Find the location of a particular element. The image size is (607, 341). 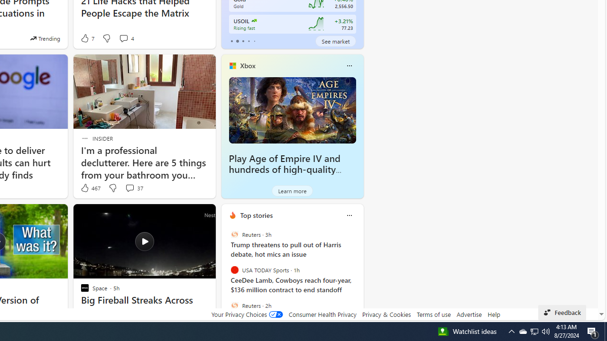

'View comments 4 Comment' is located at coordinates (123, 38).